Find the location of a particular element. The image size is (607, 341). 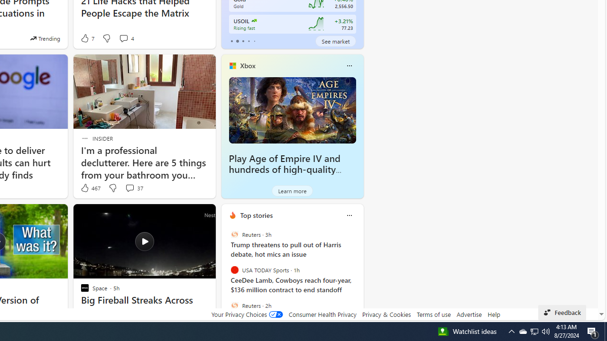

'View comments 4 Comment' is located at coordinates (123, 38).